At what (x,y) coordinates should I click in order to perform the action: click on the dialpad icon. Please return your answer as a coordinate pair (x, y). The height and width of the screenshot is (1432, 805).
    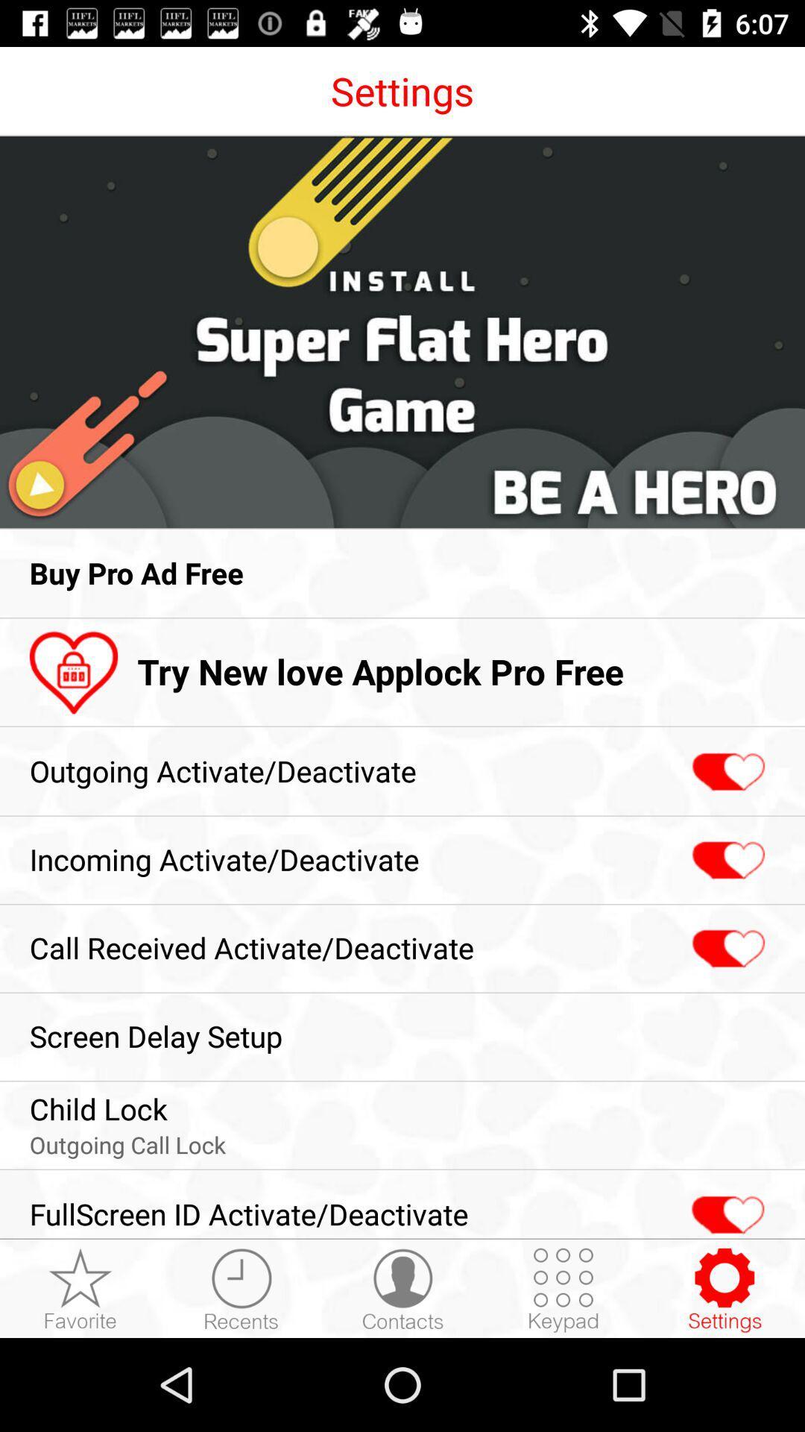
    Looking at the image, I should click on (563, 1289).